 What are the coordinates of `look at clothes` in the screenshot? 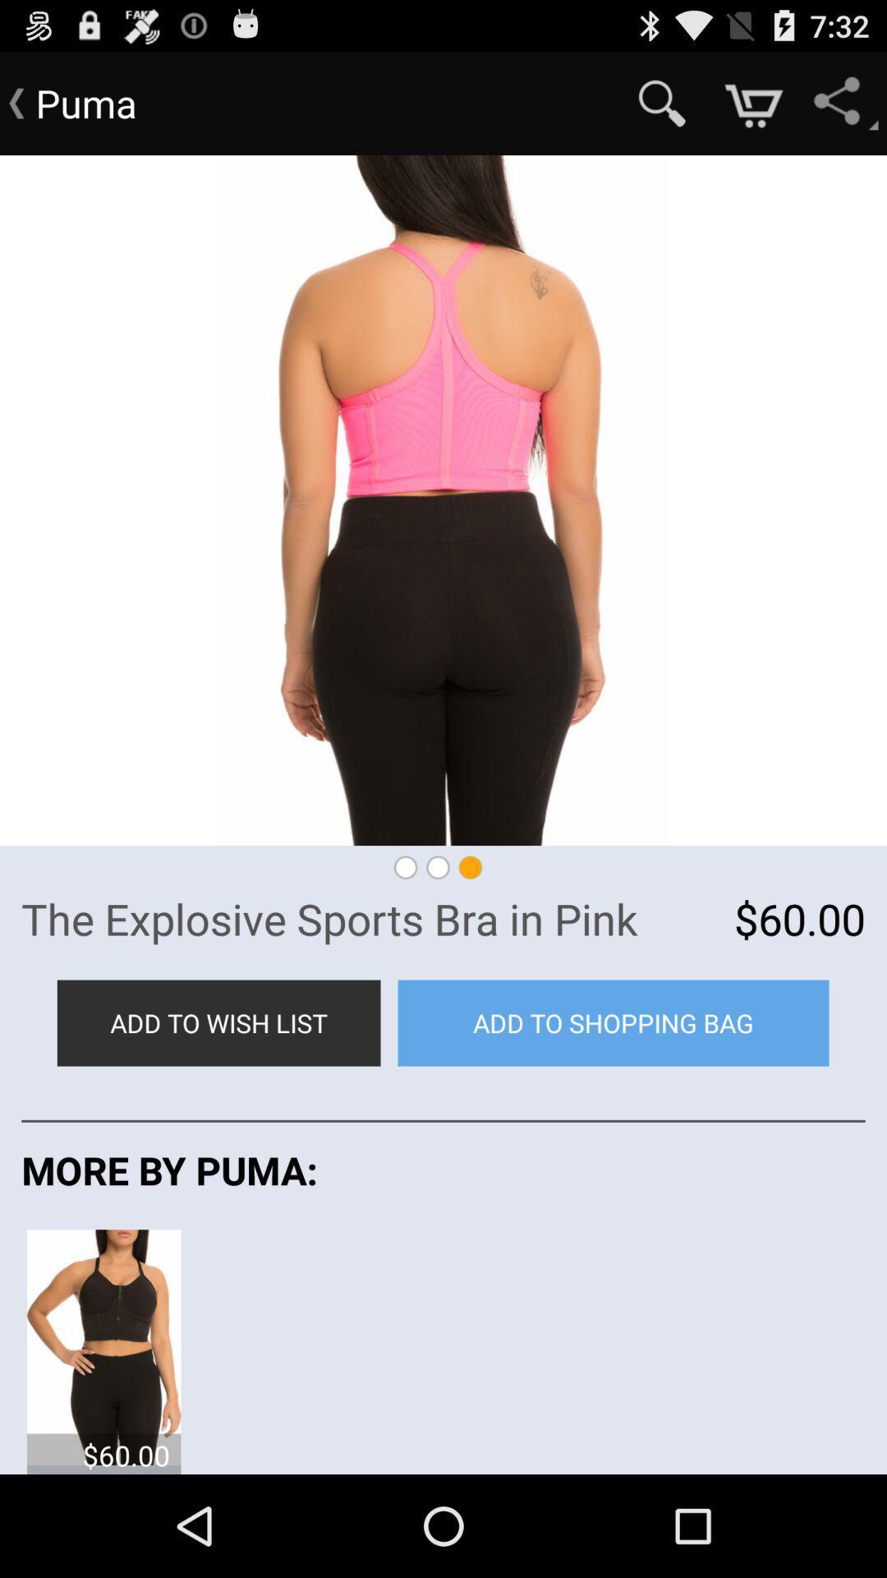 It's located at (103, 1345).